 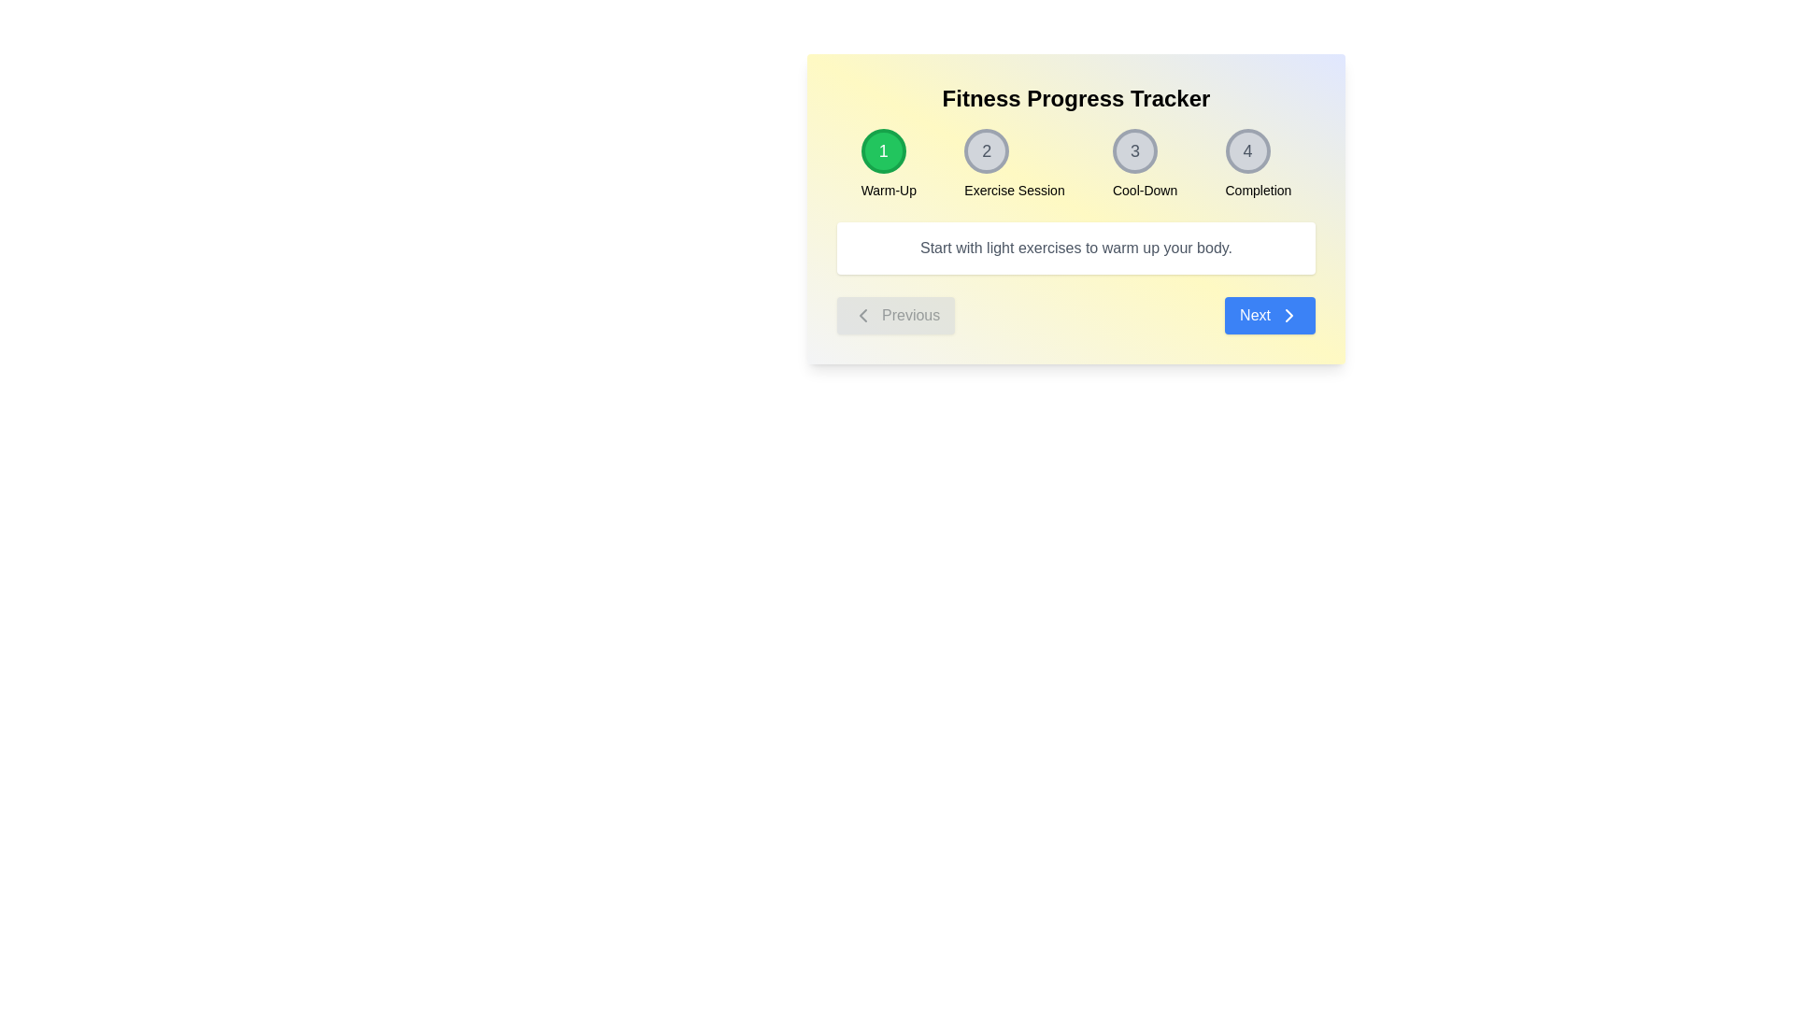 What do you see at coordinates (882, 150) in the screenshot?
I see `the content of the Text Label displaying the number '1' in a bold white typeface, which is centered within a green circular background, part of the first item in the horizontal progress bar` at bounding box center [882, 150].